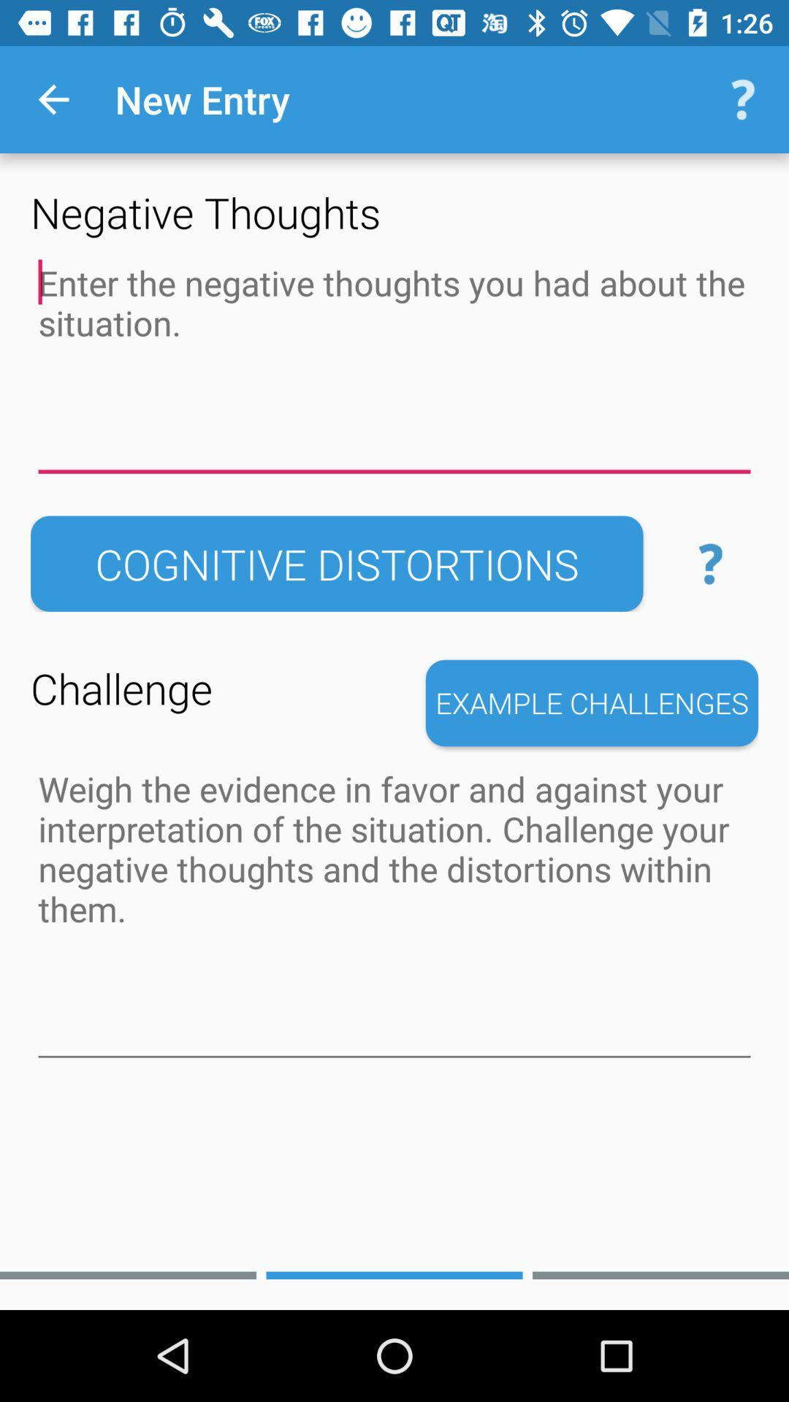  I want to click on the button next to the cognitive distortions button, so click(709, 563).